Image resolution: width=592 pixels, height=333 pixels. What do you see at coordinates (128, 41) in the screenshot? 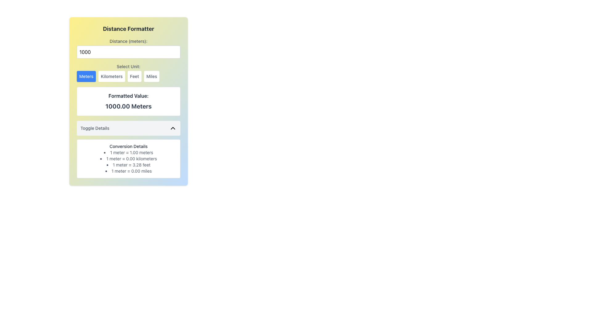
I see `the static text label reading 'Distance (meters):' which is positioned above an input field in the 'Distance Formatter' form` at bounding box center [128, 41].